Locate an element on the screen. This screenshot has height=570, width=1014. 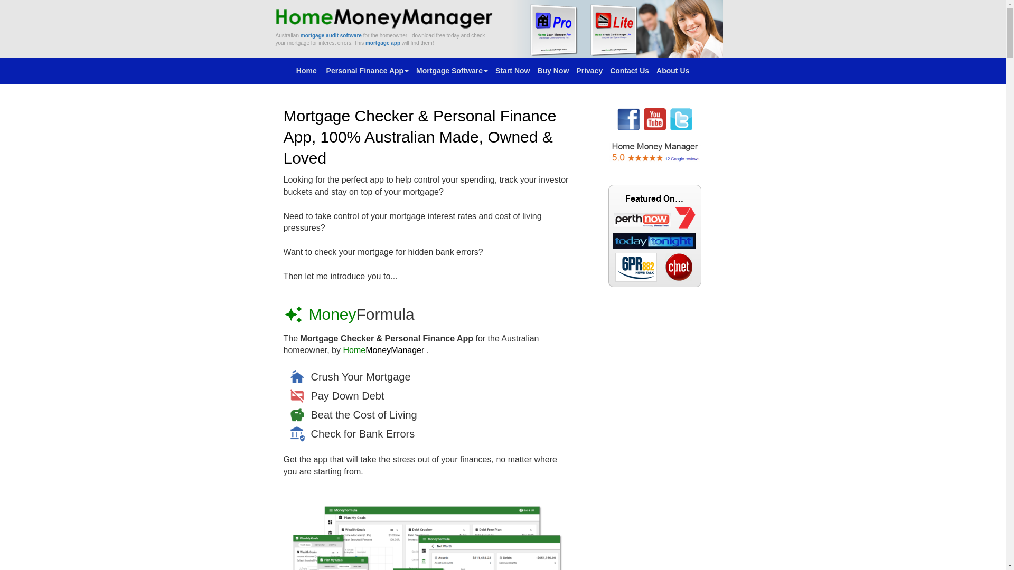
'mortgage audit software' is located at coordinates (300, 35).